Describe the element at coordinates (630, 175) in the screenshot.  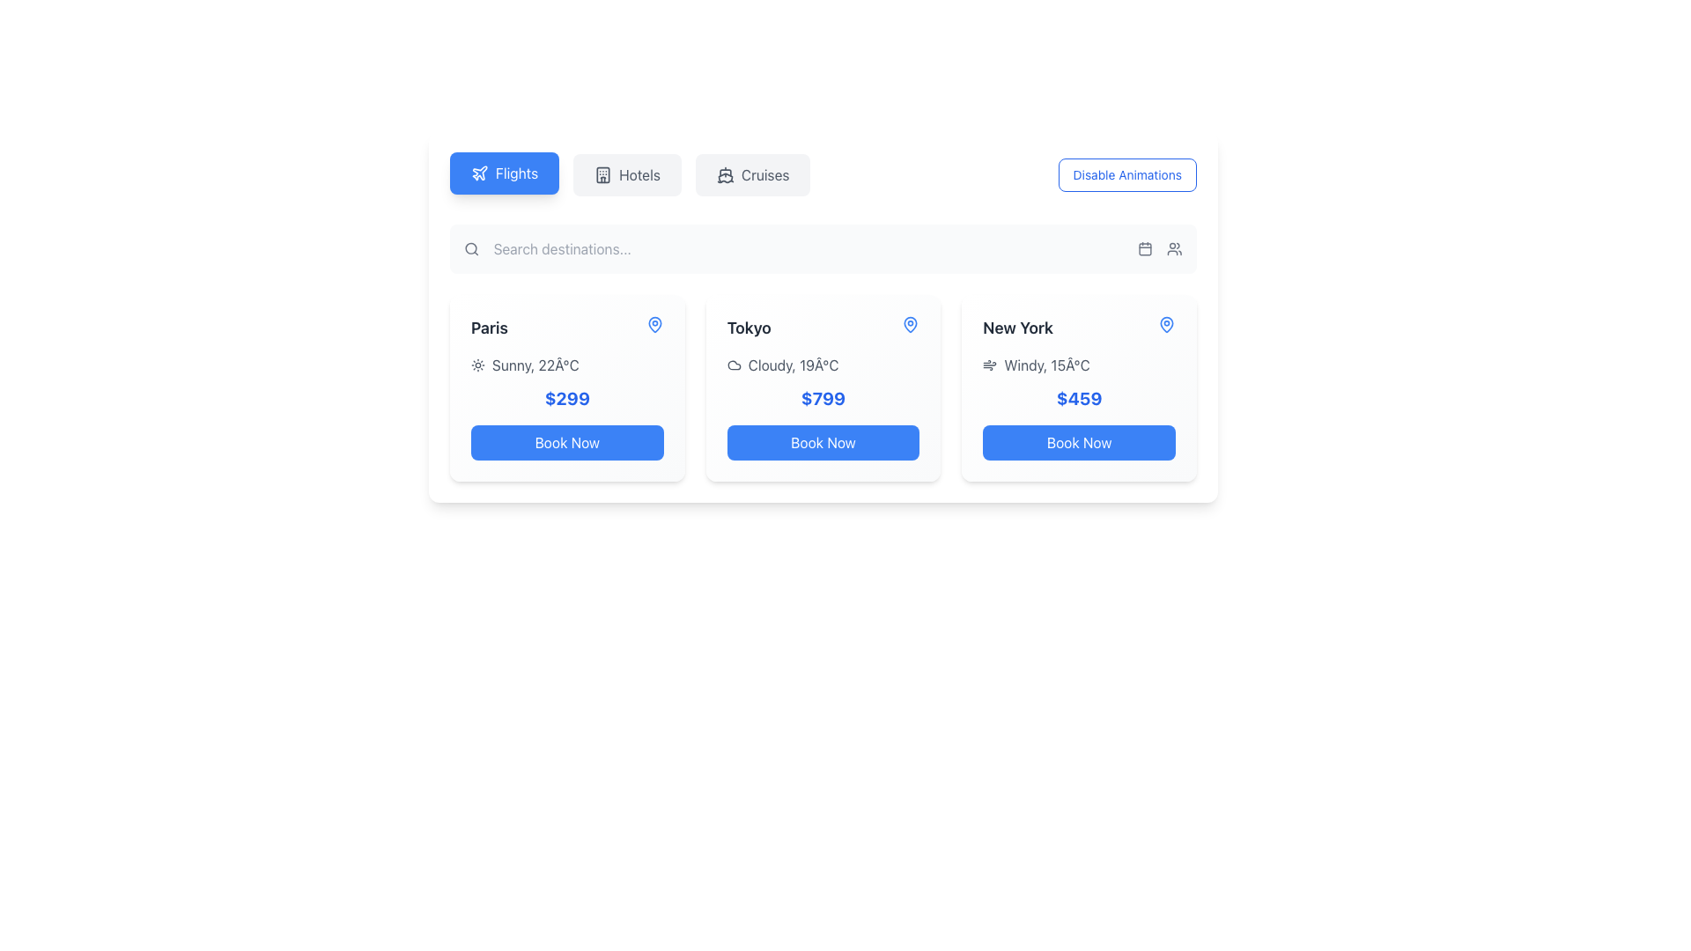
I see `the 'Hotels' button in the navigation menu` at that location.